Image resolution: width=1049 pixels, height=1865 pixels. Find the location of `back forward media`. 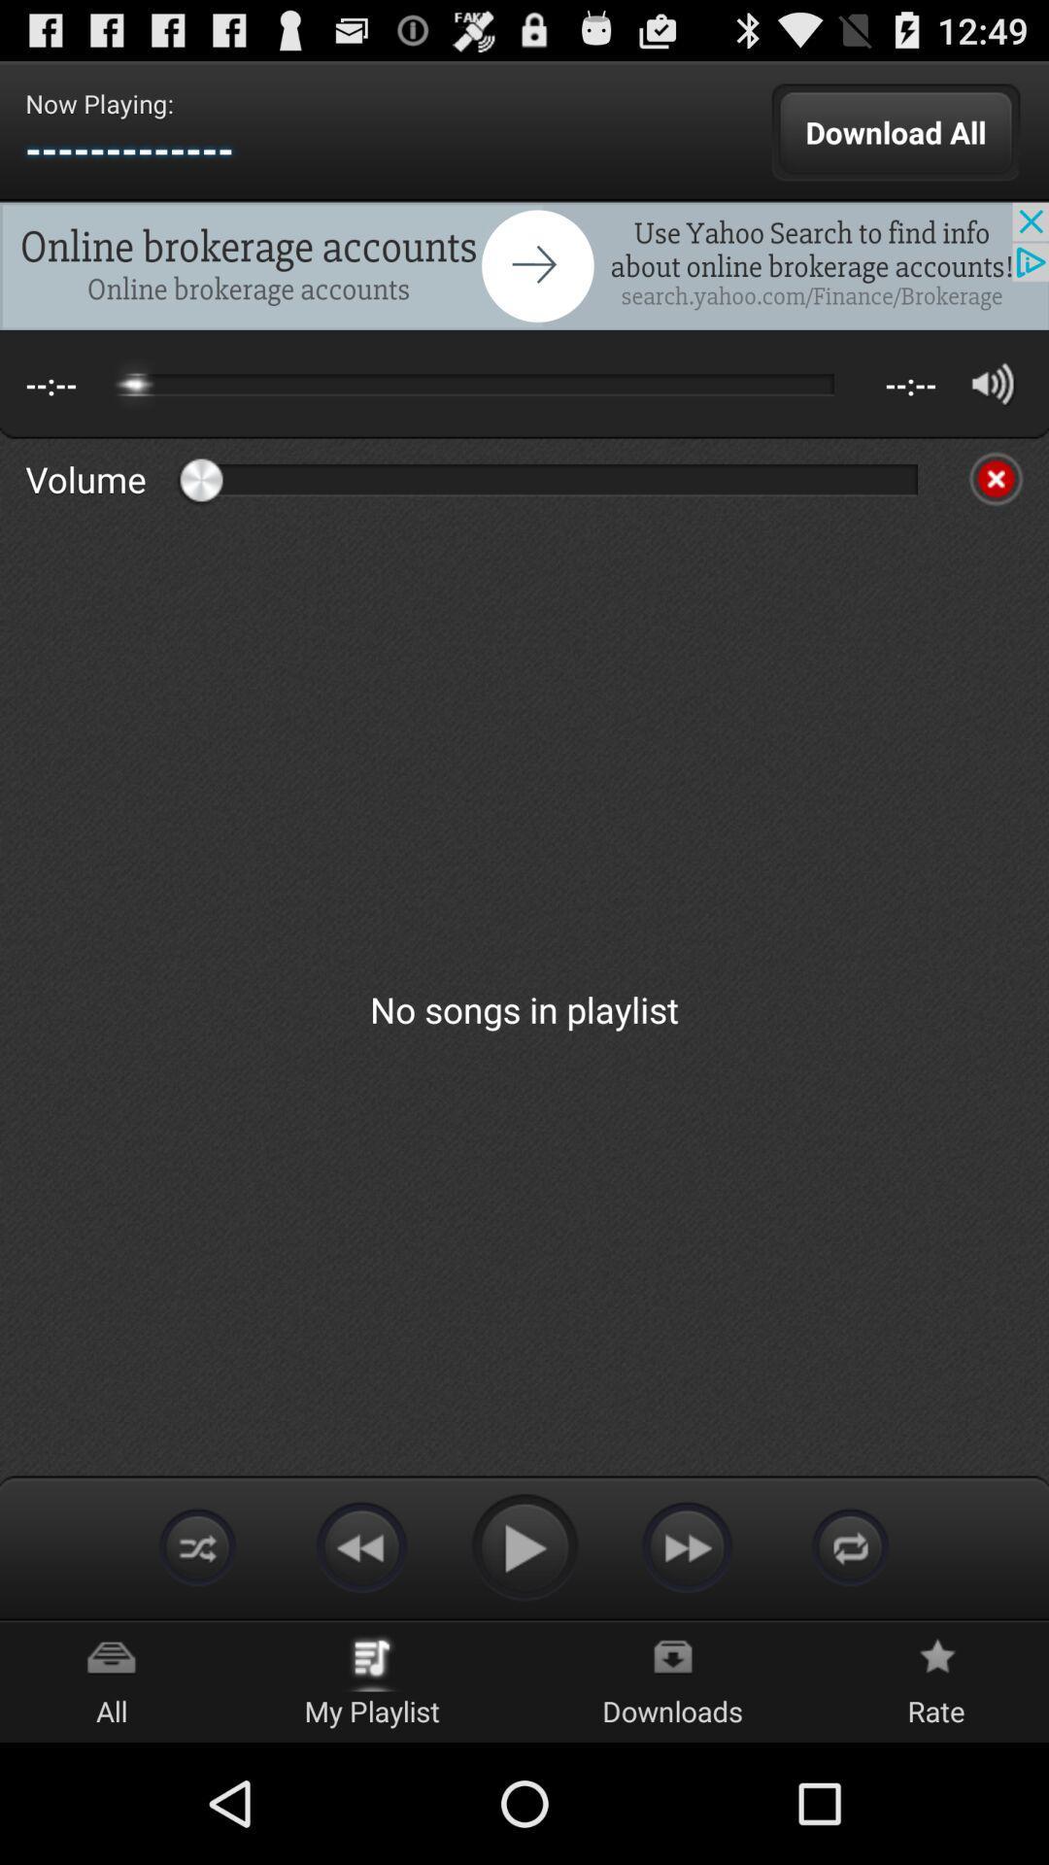

back forward media is located at coordinates (360, 1545).